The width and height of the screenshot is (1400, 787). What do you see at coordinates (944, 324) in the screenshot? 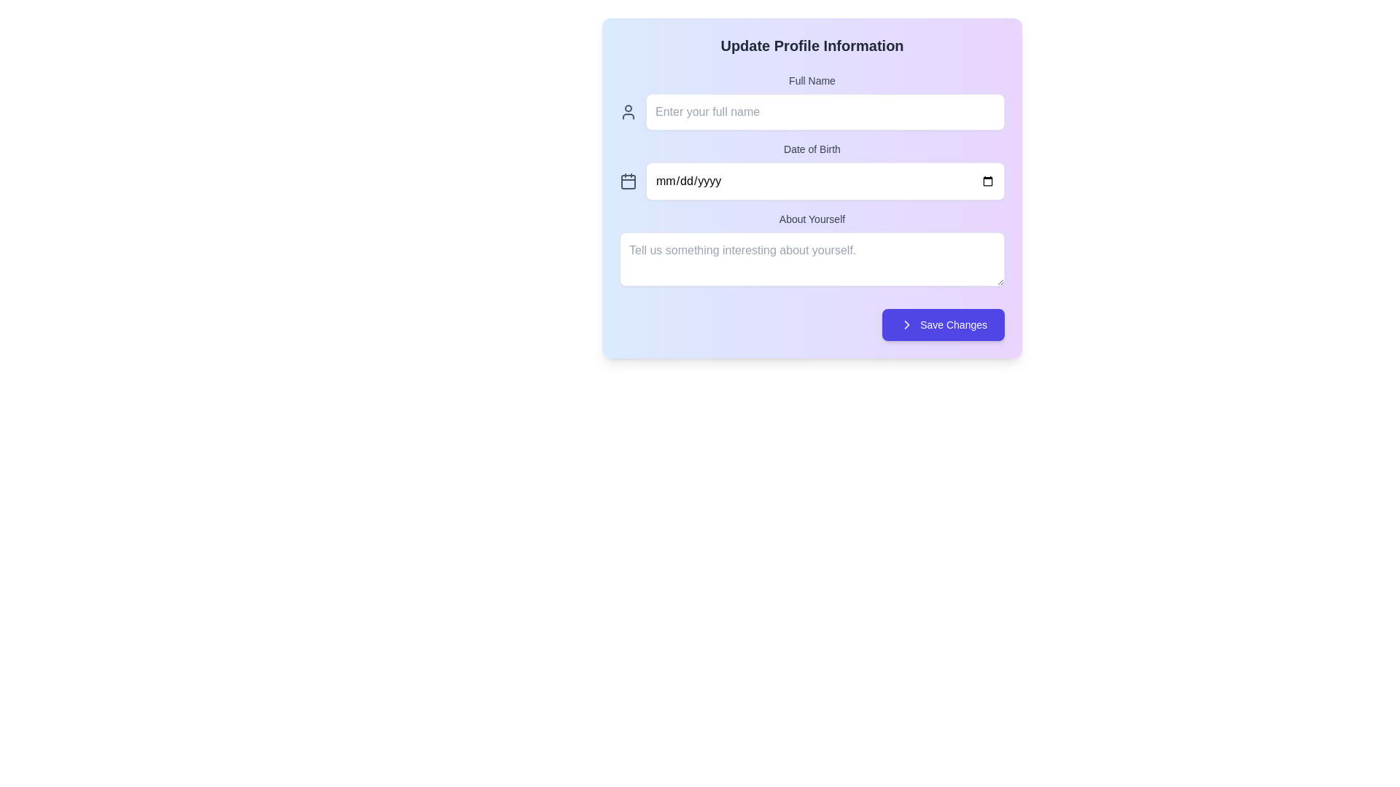
I see `the primary action button located at the bottom-right of the 'Update Profile Information' form to change its background color` at bounding box center [944, 324].